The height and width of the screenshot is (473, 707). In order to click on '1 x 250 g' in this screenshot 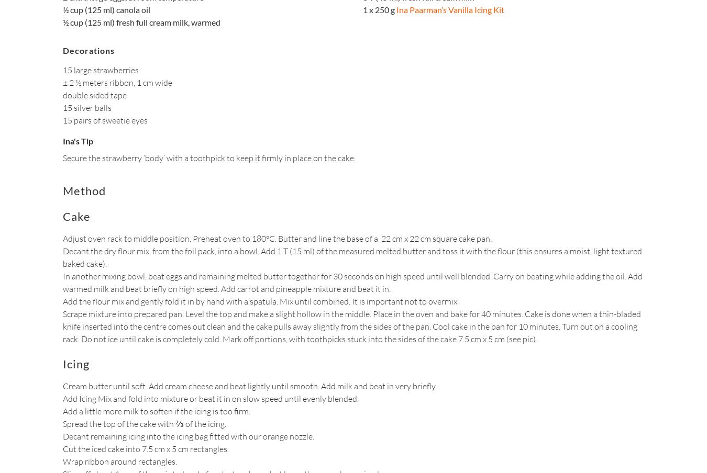, I will do `click(379, 8)`.